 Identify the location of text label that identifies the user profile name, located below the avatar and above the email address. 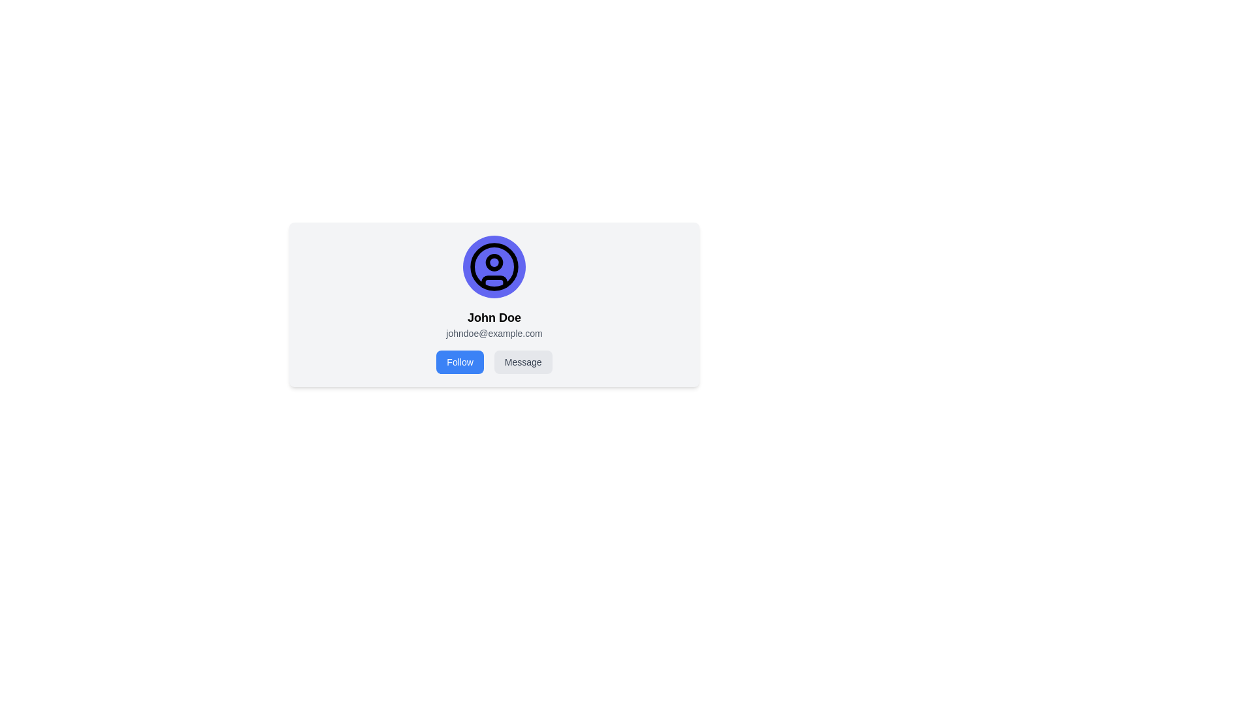
(494, 317).